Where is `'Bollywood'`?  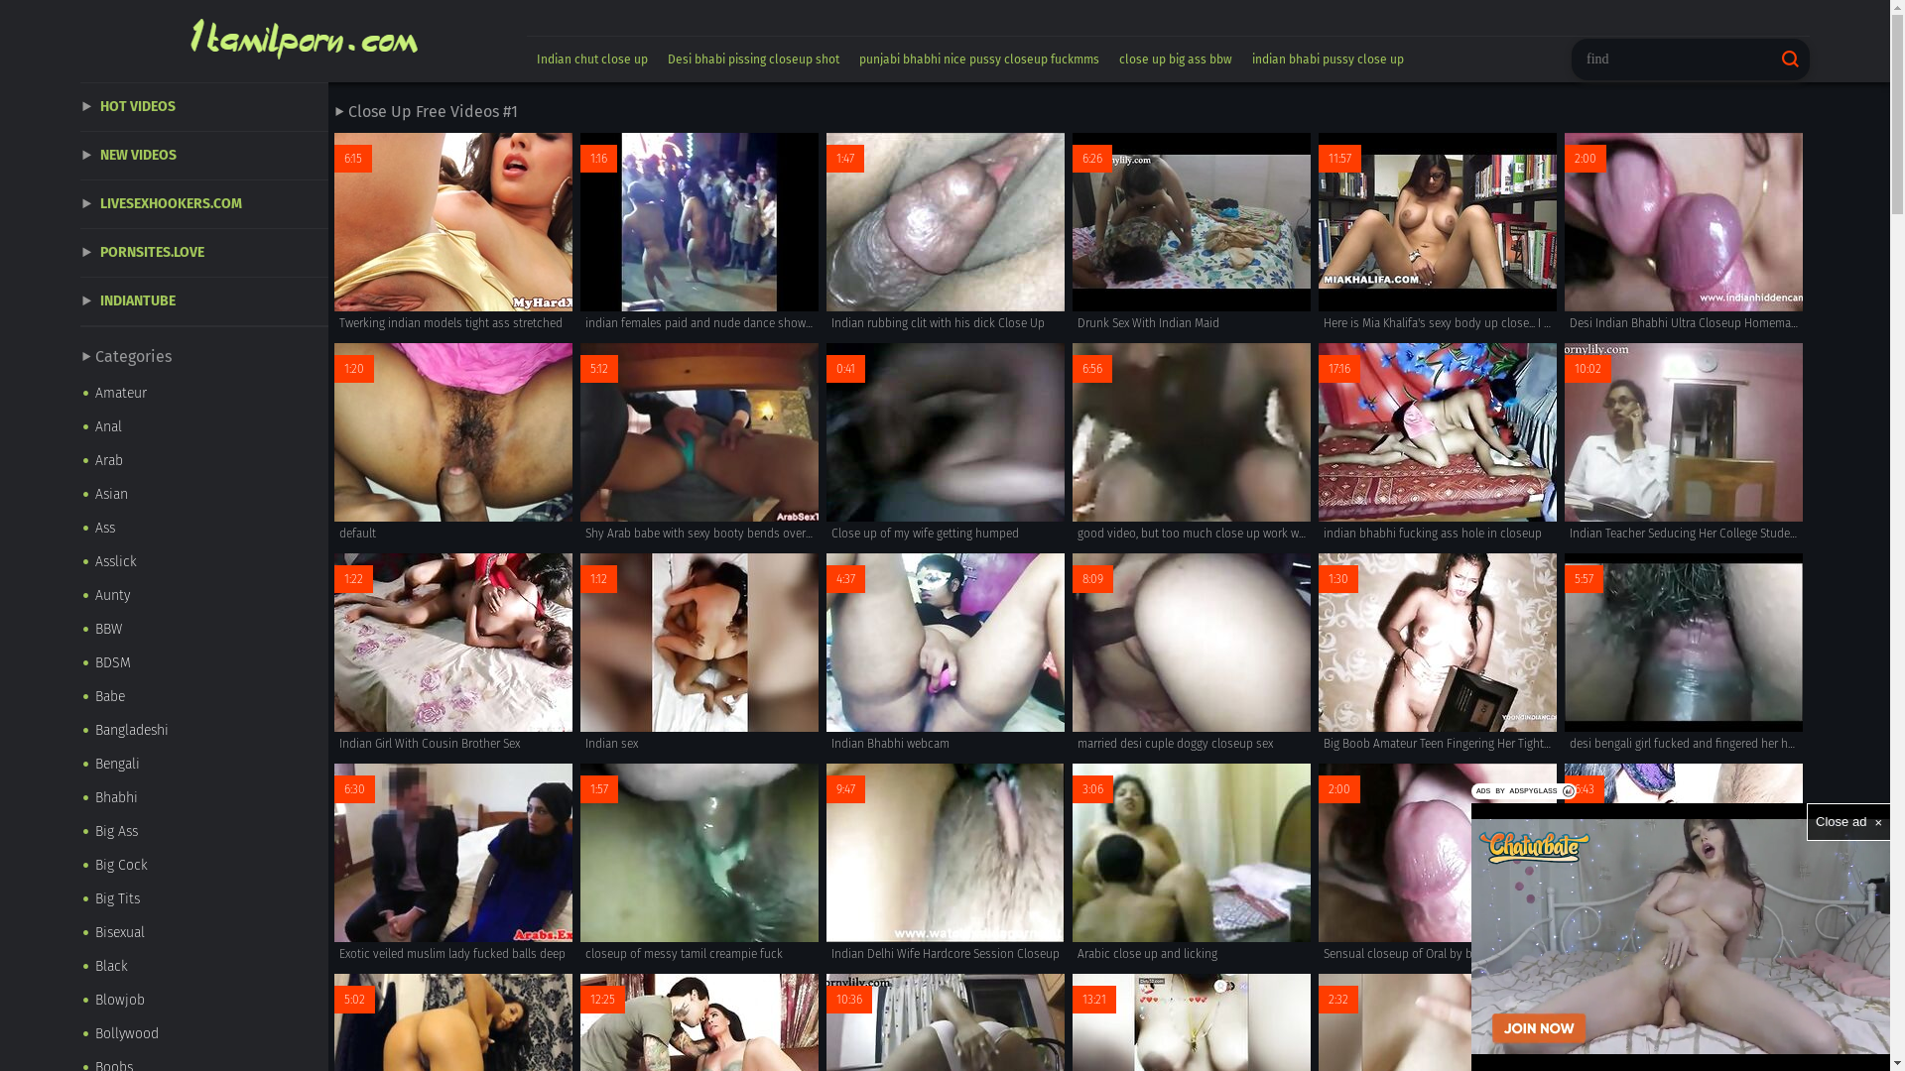
'Bollywood' is located at coordinates (79, 1032).